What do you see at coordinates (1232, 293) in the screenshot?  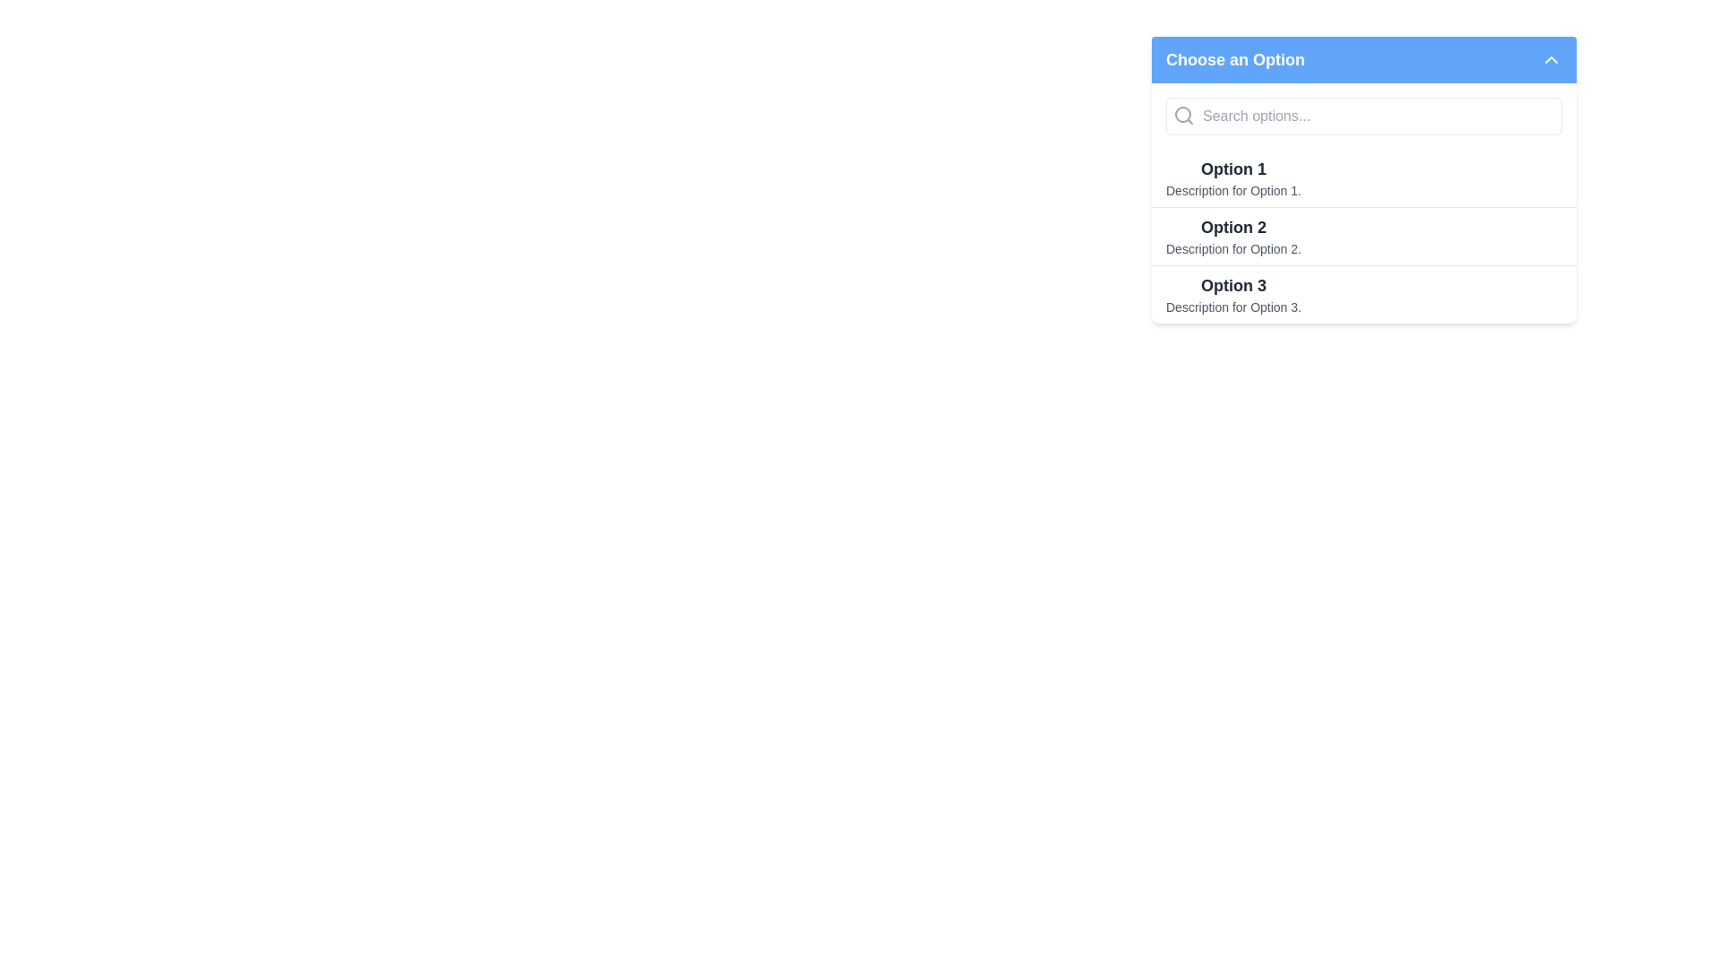 I see `the dropdown list item labeled 'Option 3'` at bounding box center [1232, 293].